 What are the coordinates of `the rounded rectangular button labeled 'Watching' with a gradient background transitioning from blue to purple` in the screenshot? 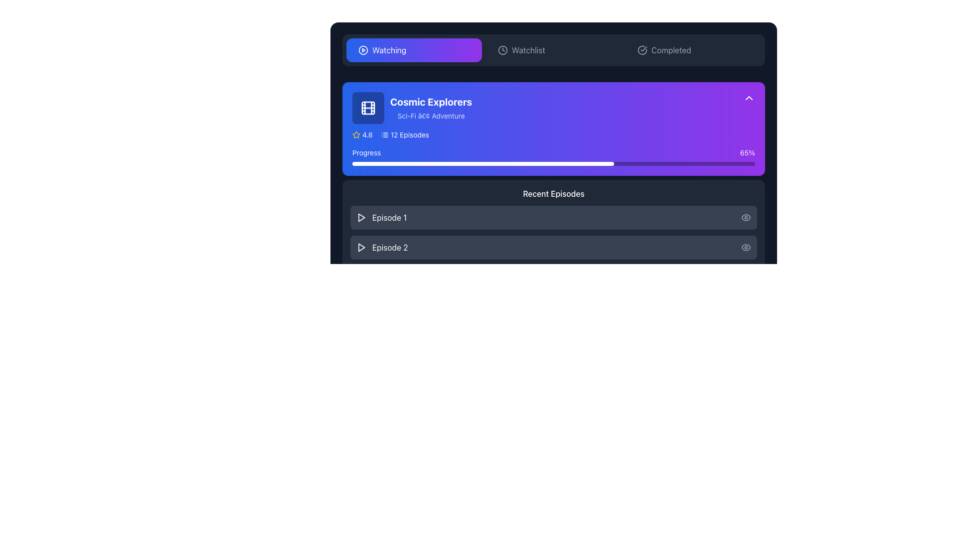 It's located at (414, 50).